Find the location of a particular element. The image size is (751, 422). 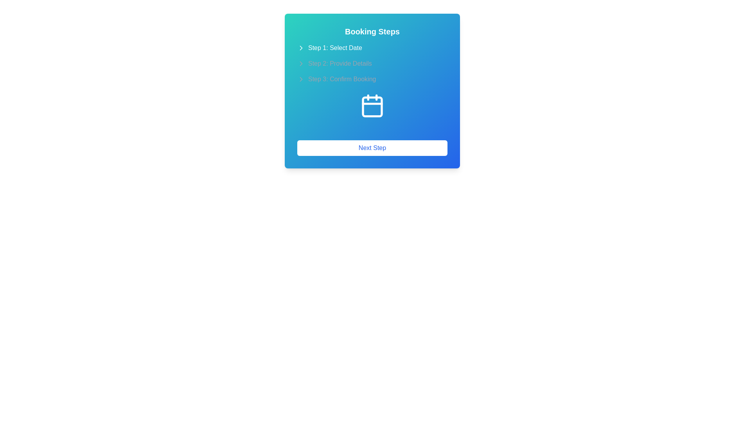

the right-pointing chevron icon outlined in white, located to the left of the text 'Step 1: Select Date' in the 'Booking Steps' section is located at coordinates (300, 48).